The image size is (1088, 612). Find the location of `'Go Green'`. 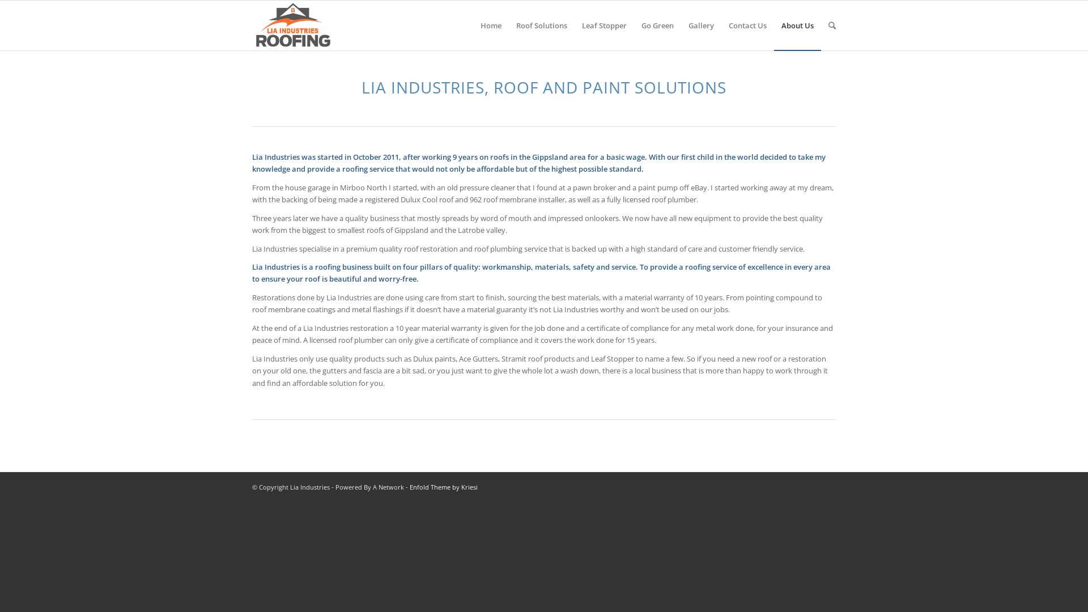

'Go Green' is located at coordinates (633, 25).